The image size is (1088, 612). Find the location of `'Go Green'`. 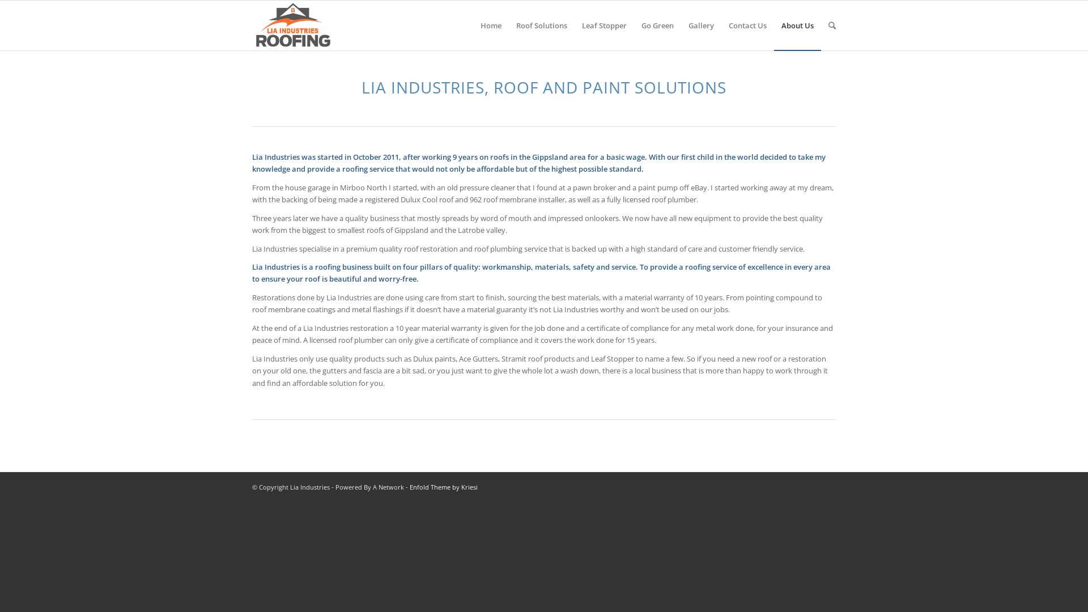

'Go Green' is located at coordinates (633, 25).